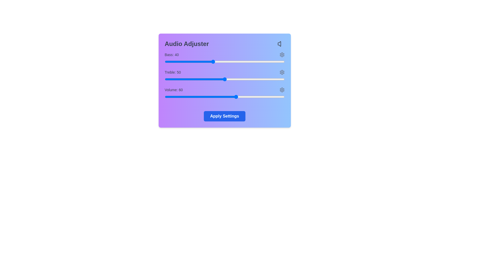  Describe the element at coordinates (173, 72) in the screenshot. I see `the text label displaying 'Treble: 50', which is styled in a slightly bold font and is located in the middle of a slider control interface with a purple gradient background` at that location.